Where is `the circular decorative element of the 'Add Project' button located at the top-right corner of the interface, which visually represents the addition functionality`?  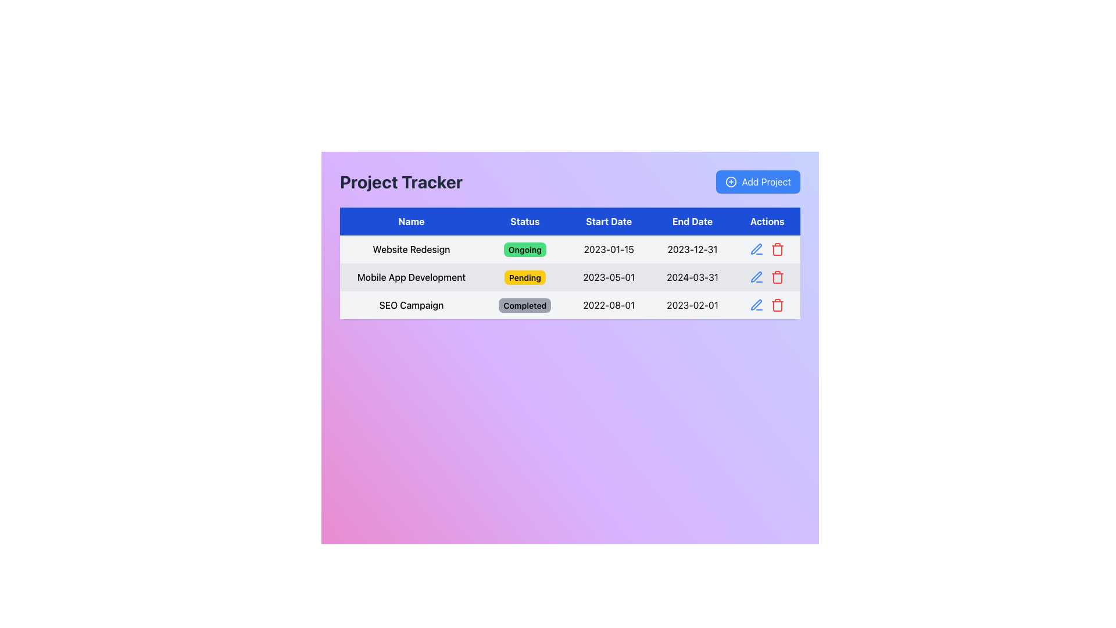
the circular decorative element of the 'Add Project' button located at the top-right corner of the interface, which visually represents the addition functionality is located at coordinates (731, 181).